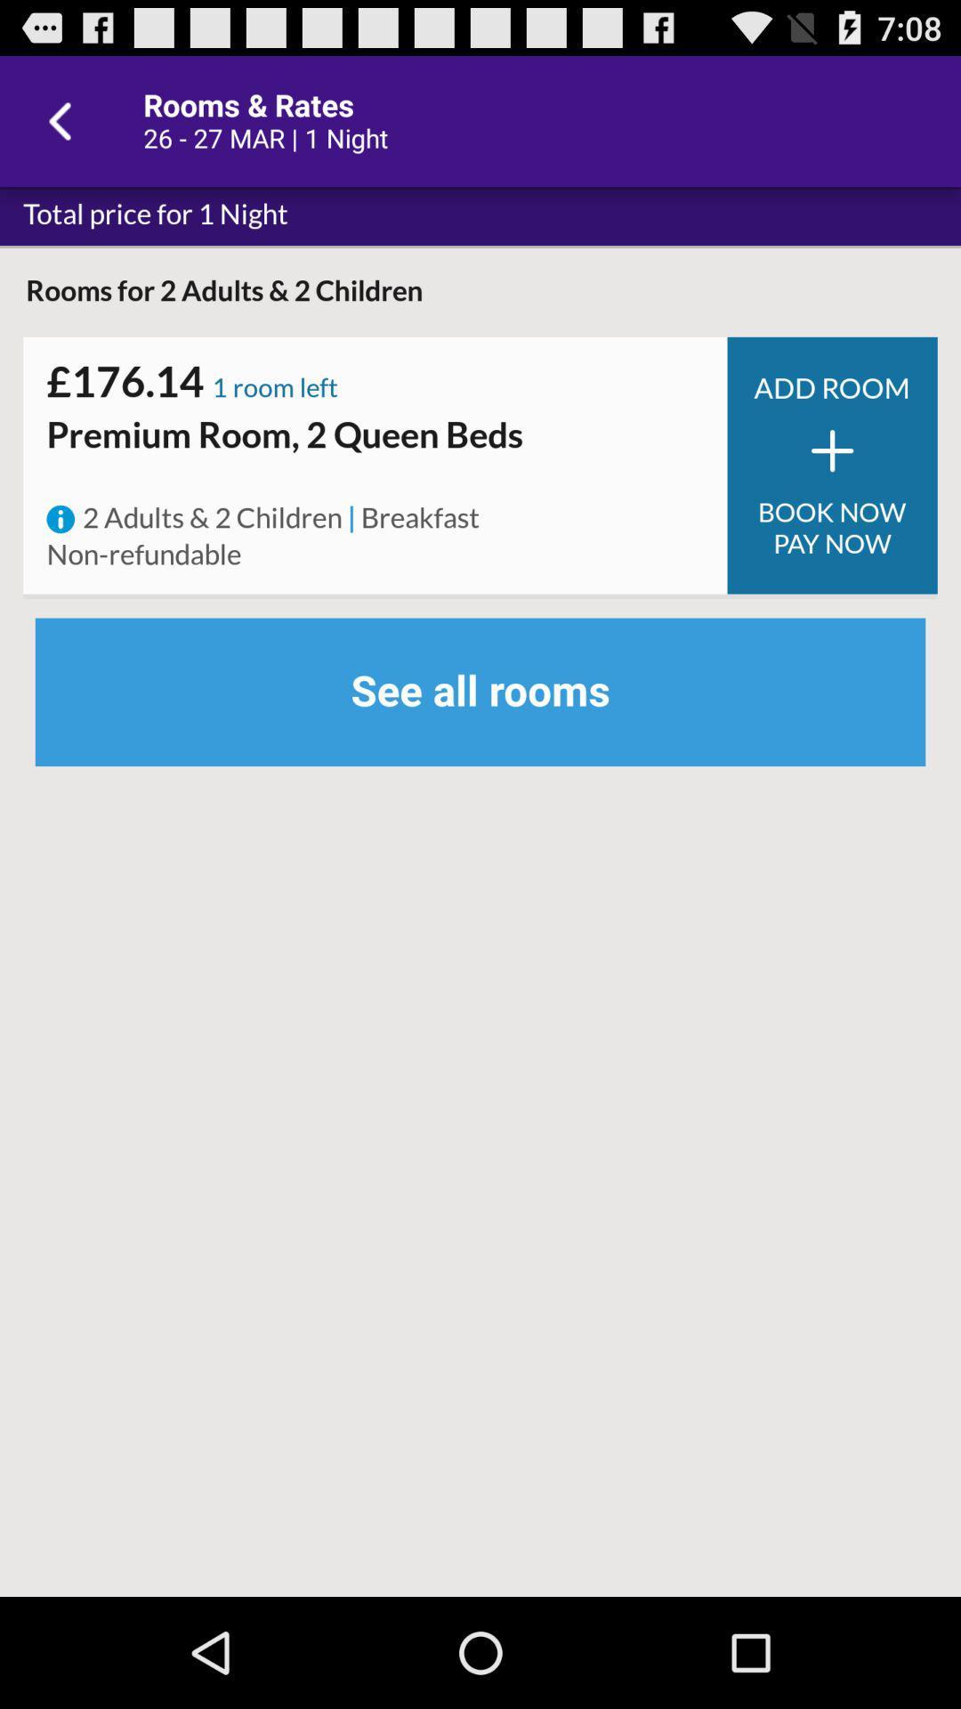 The height and width of the screenshot is (1709, 961). What do you see at coordinates (420, 518) in the screenshot?
I see `breakfast icon` at bounding box center [420, 518].